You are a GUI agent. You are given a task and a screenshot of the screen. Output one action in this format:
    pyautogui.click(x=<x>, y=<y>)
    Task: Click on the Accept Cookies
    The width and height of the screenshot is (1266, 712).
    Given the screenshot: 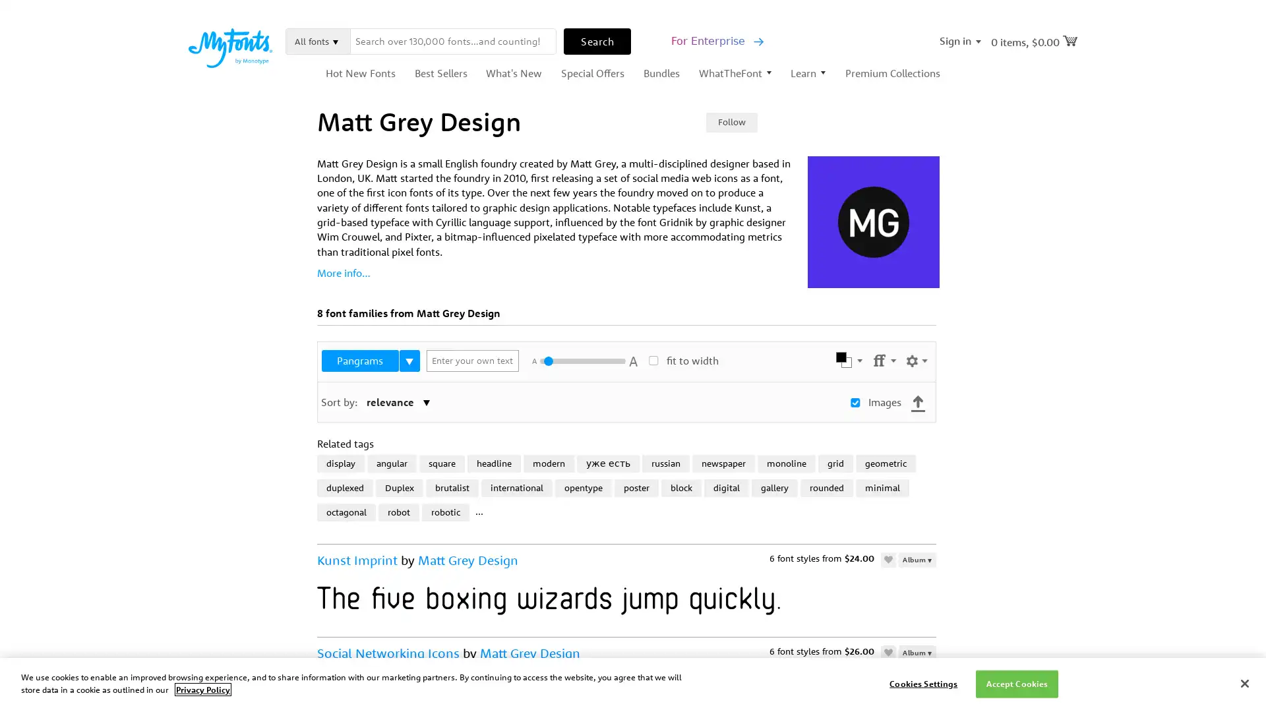 What is the action you would take?
    pyautogui.click(x=1016, y=683)
    